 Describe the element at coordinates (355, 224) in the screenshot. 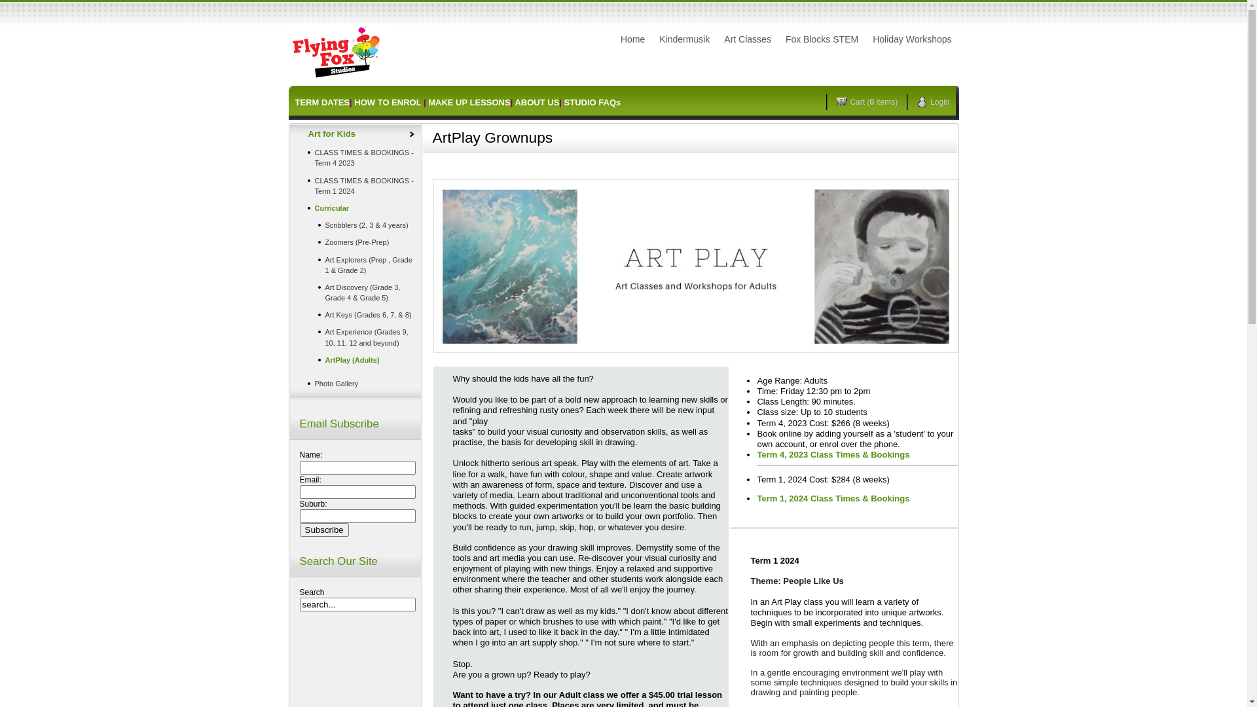

I see `'Scribblers (2, 3 & 4 years)'` at that location.